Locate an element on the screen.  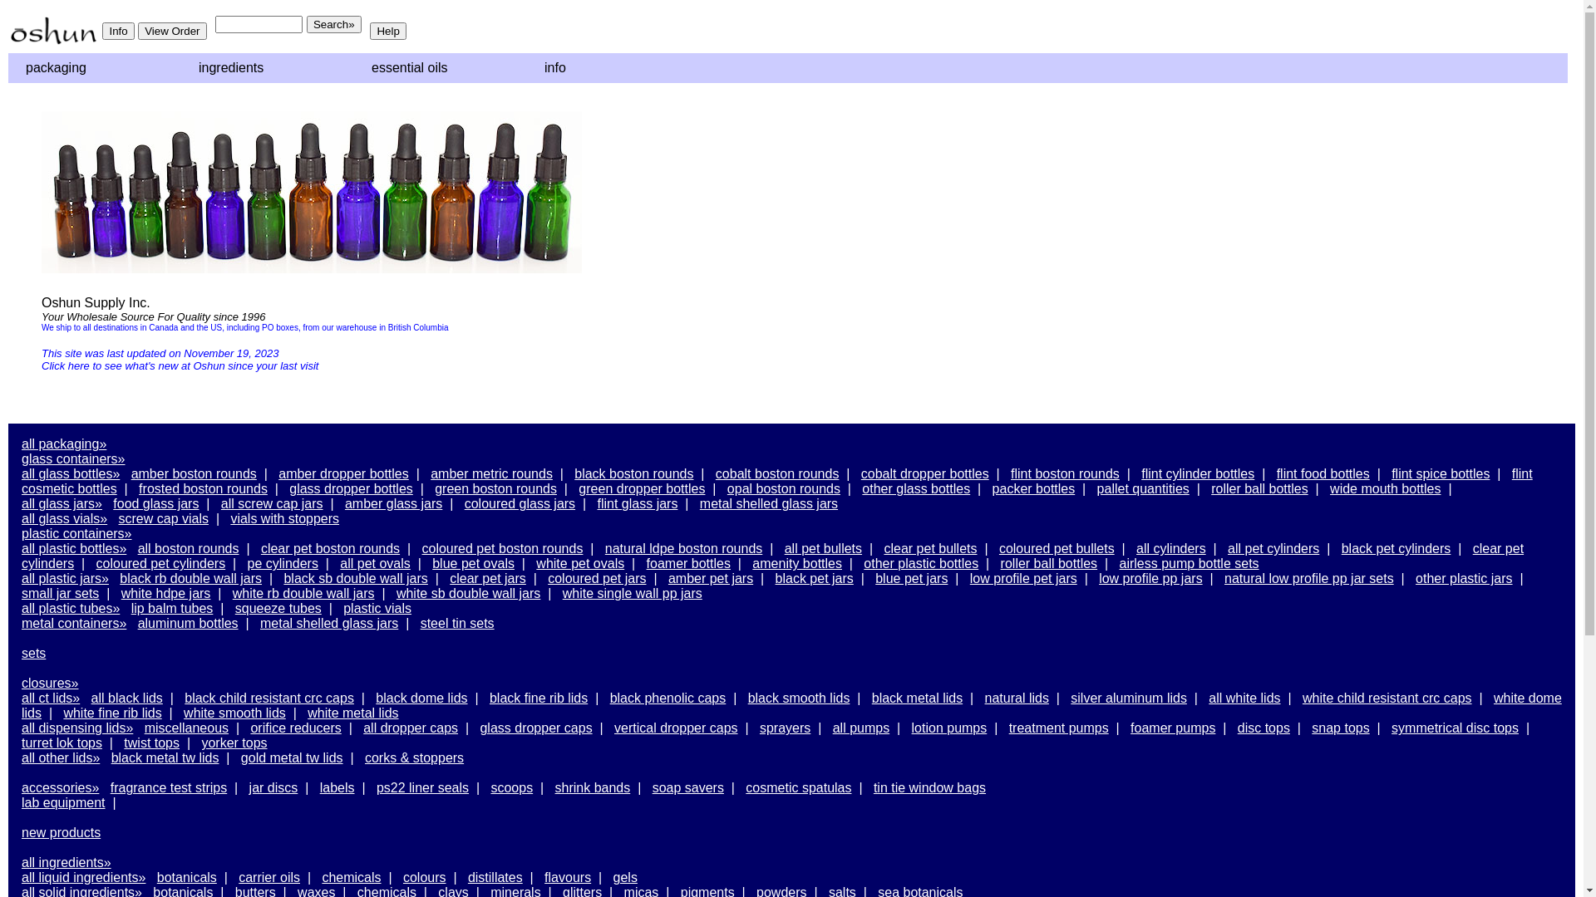
'carrier oils' is located at coordinates (238, 876).